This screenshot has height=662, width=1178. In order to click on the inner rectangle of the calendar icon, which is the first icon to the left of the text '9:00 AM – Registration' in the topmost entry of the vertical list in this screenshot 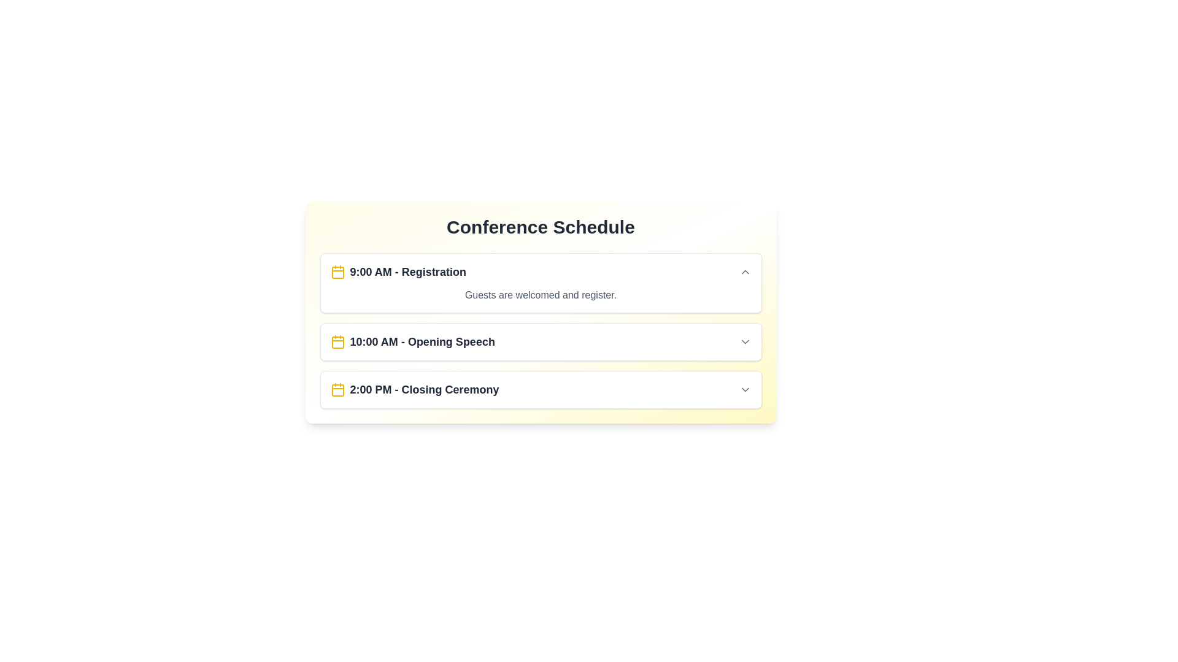, I will do `click(337, 343)`.